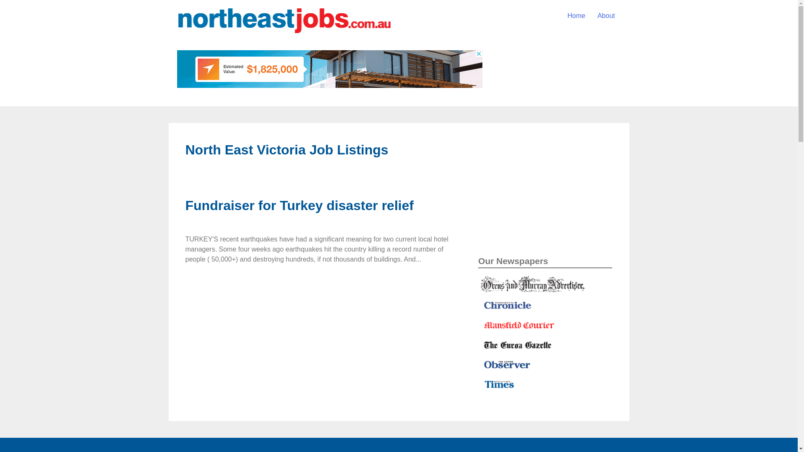  I want to click on 'About', so click(606, 16).